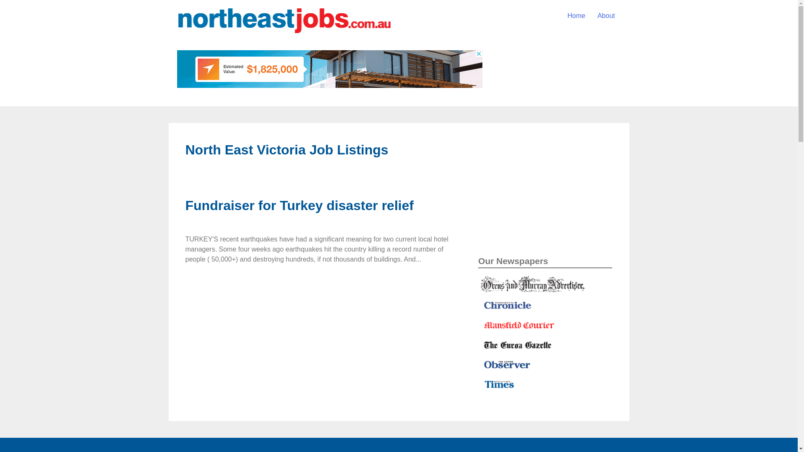  I want to click on 'About', so click(606, 16).